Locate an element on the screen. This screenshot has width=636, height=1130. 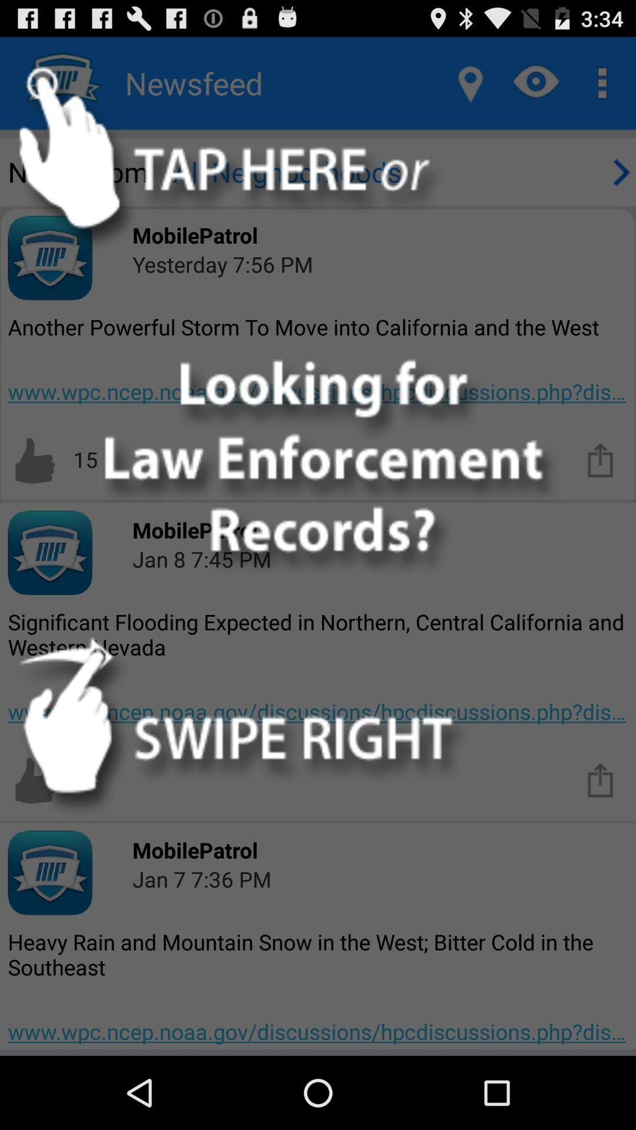
arrow key is located at coordinates (618, 171).